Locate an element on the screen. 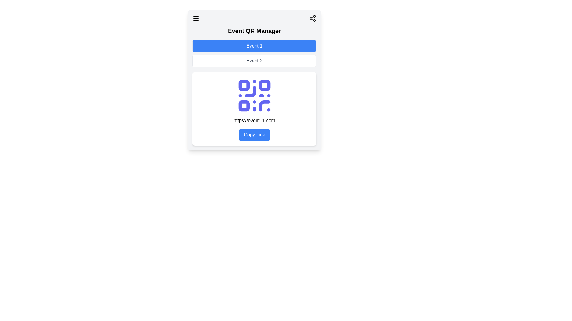  the text display element that shows the URL 'https://event_1.com', which is centrally aligned between a QR code above and a 'Copy Link' button below is located at coordinates (254, 120).